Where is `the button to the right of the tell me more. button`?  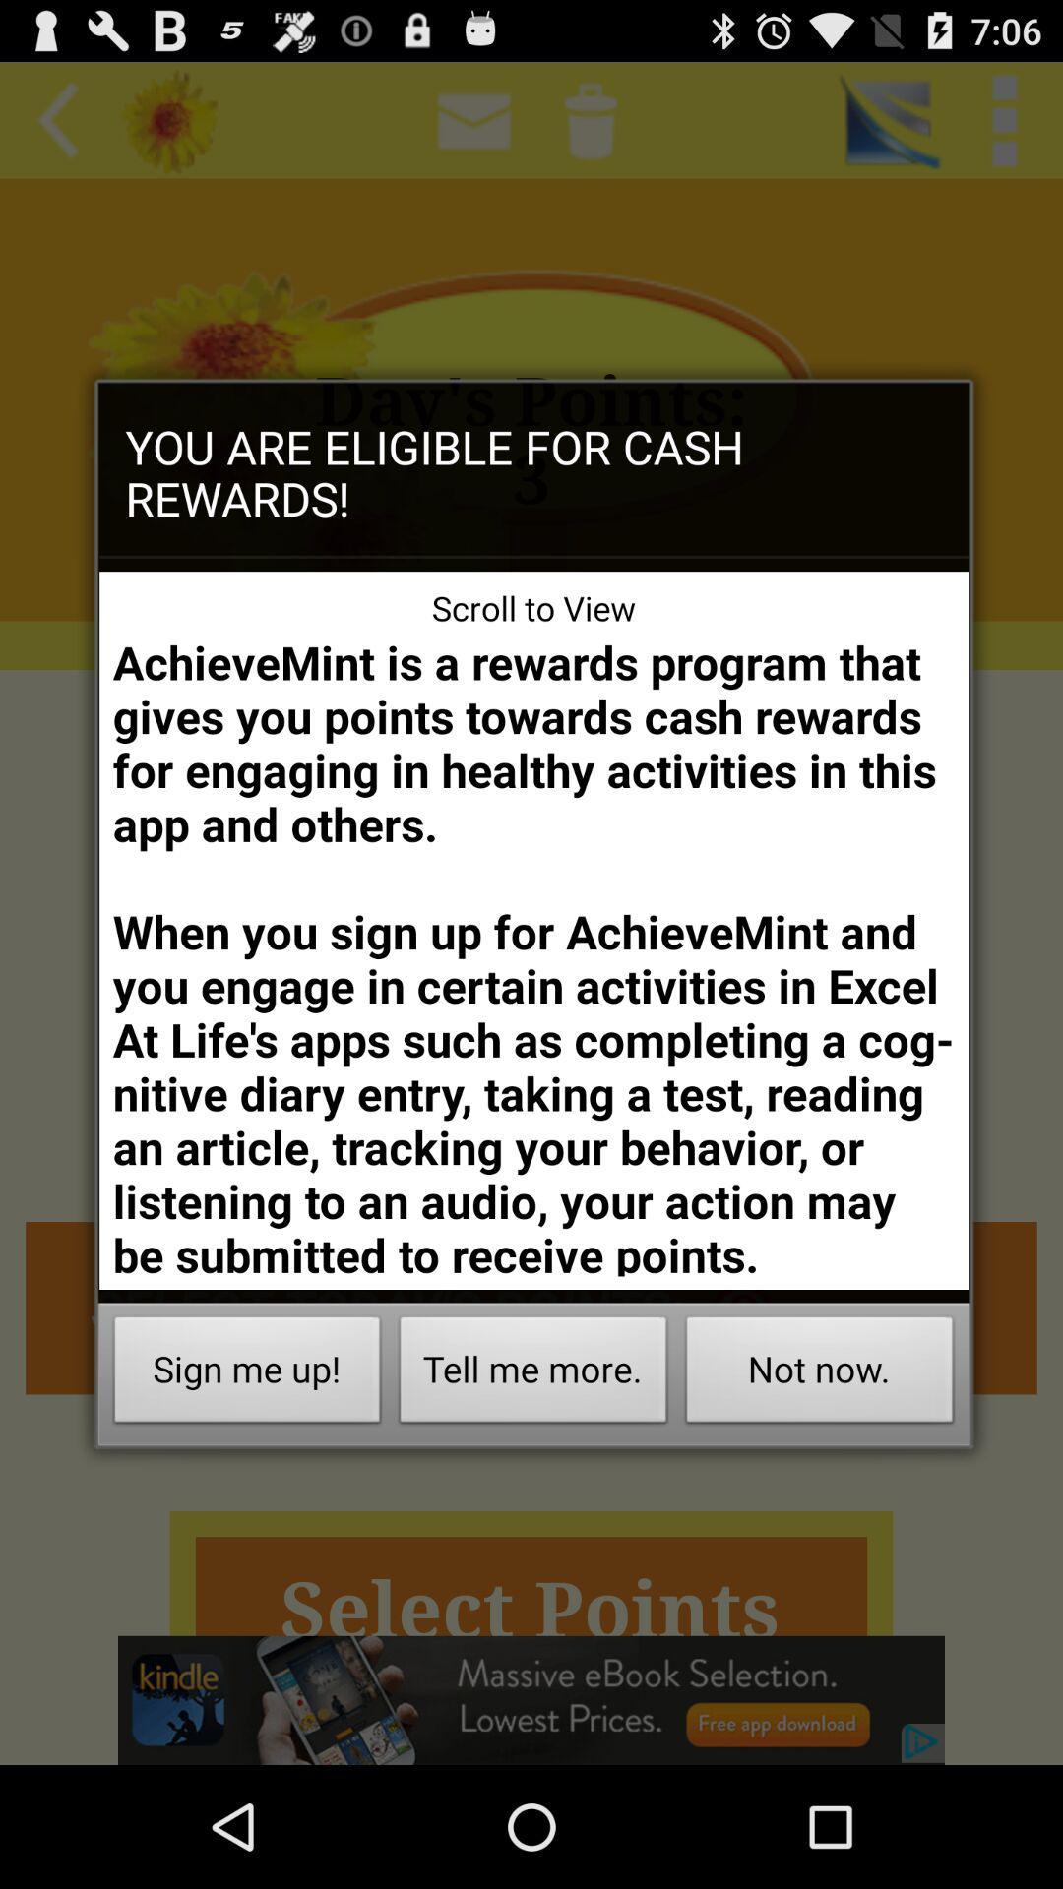 the button to the right of the tell me more. button is located at coordinates (820, 1373).